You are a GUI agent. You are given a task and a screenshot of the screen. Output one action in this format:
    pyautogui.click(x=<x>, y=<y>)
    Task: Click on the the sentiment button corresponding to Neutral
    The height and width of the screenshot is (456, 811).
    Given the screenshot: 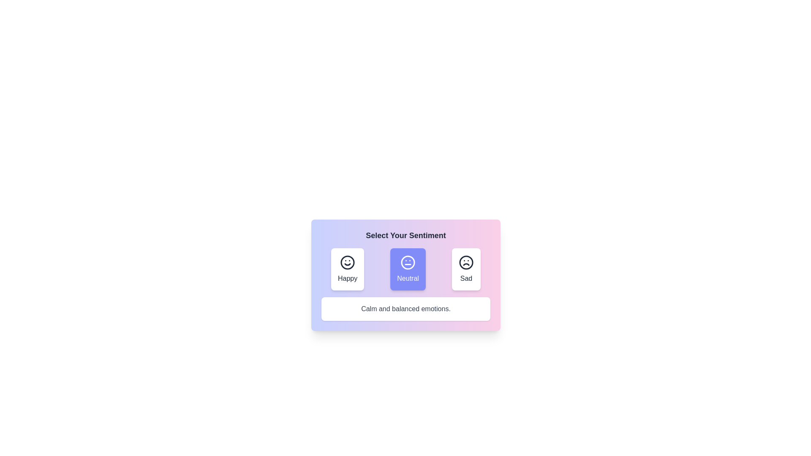 What is the action you would take?
    pyautogui.click(x=408, y=269)
    